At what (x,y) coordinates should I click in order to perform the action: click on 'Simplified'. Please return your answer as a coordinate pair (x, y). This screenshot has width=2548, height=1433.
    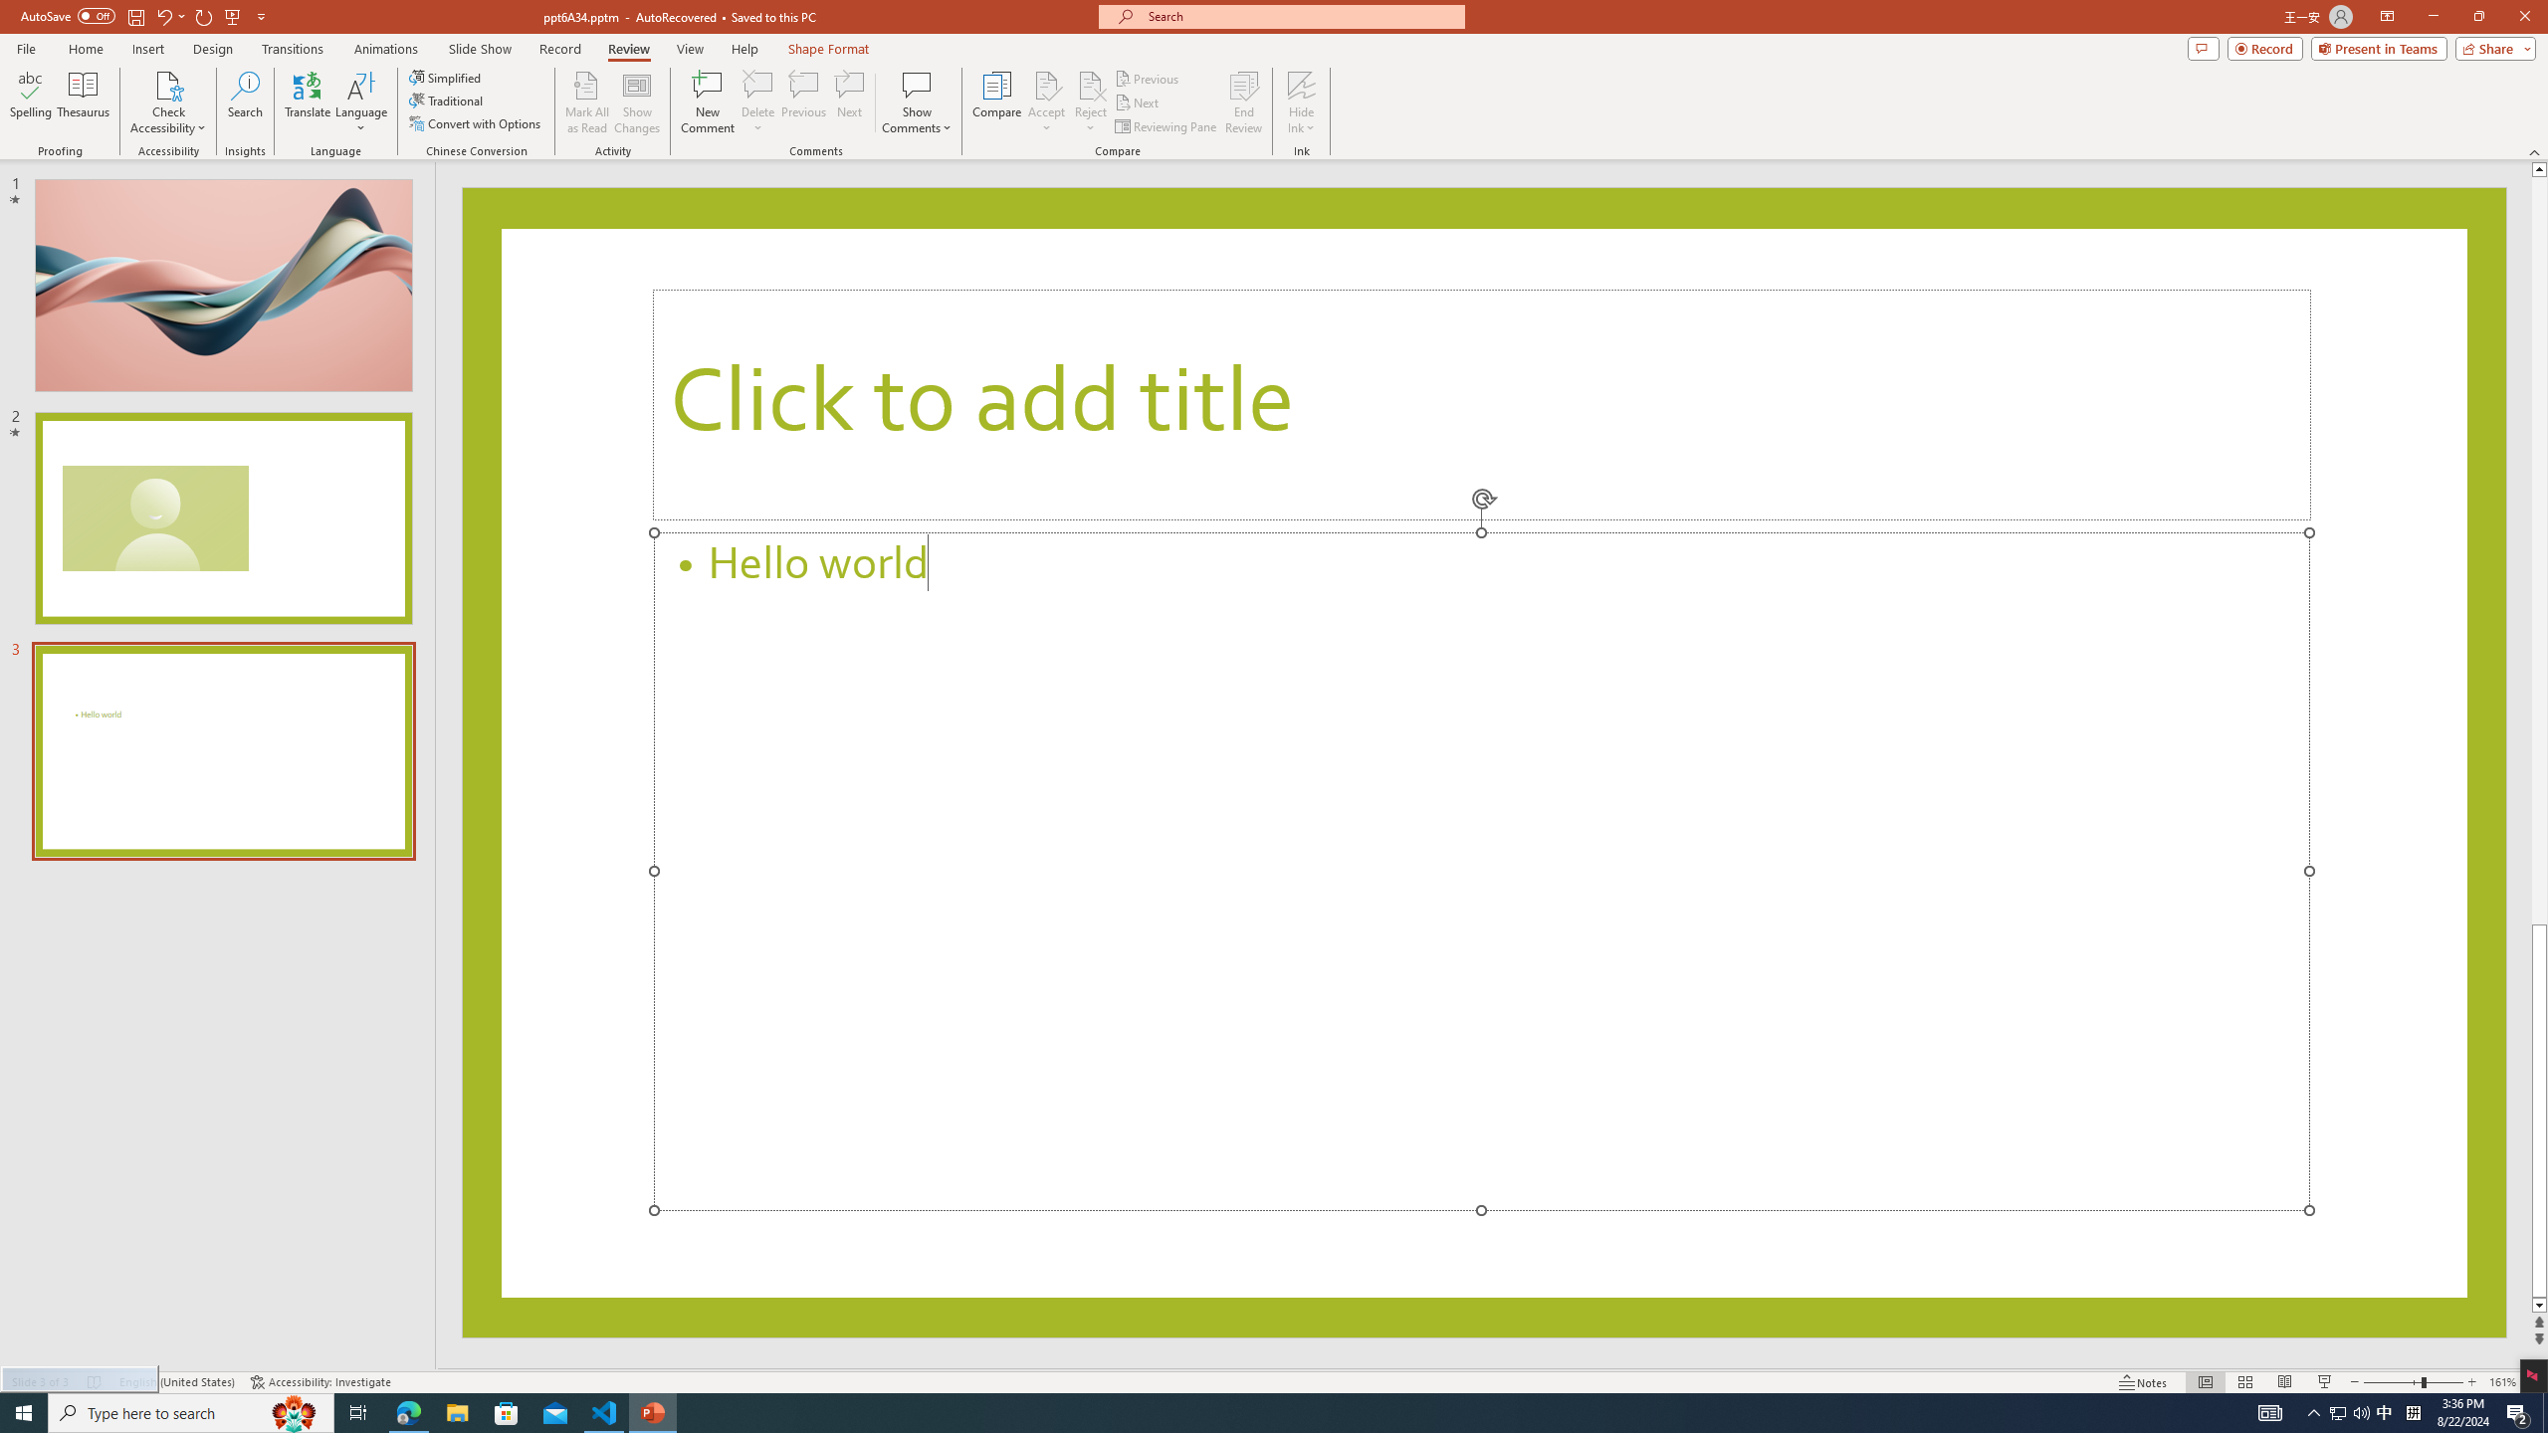
    Looking at the image, I should click on (446, 77).